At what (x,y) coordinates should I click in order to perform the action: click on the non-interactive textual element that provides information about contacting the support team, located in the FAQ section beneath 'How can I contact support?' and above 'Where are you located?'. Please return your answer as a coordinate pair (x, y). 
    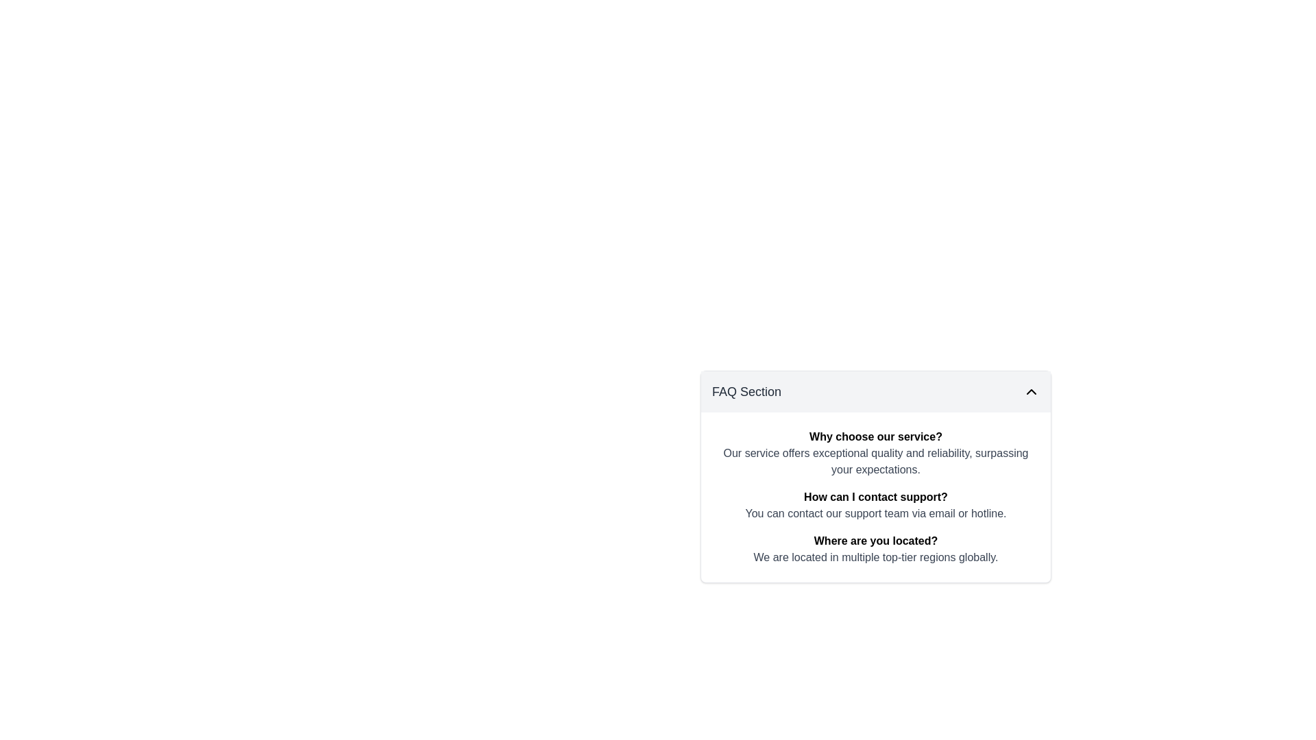
    Looking at the image, I should click on (875, 513).